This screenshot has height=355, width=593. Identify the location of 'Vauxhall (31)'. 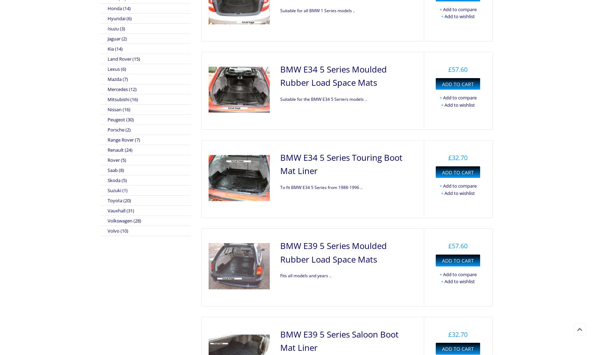
(121, 210).